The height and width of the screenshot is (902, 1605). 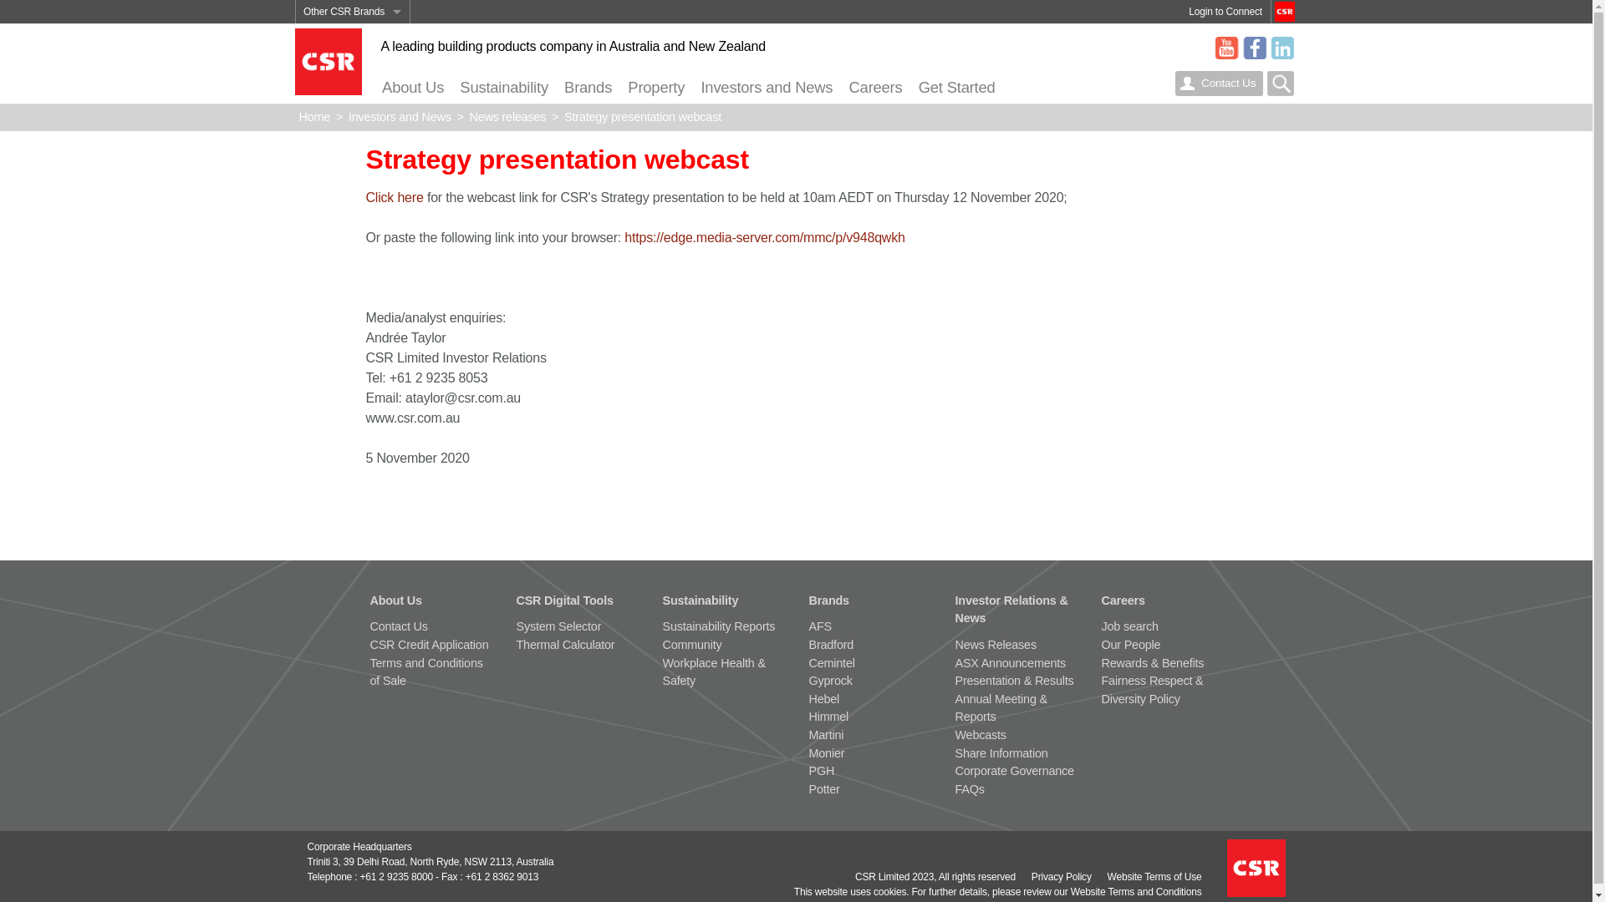 What do you see at coordinates (1131, 643) in the screenshot?
I see `'Our People'` at bounding box center [1131, 643].